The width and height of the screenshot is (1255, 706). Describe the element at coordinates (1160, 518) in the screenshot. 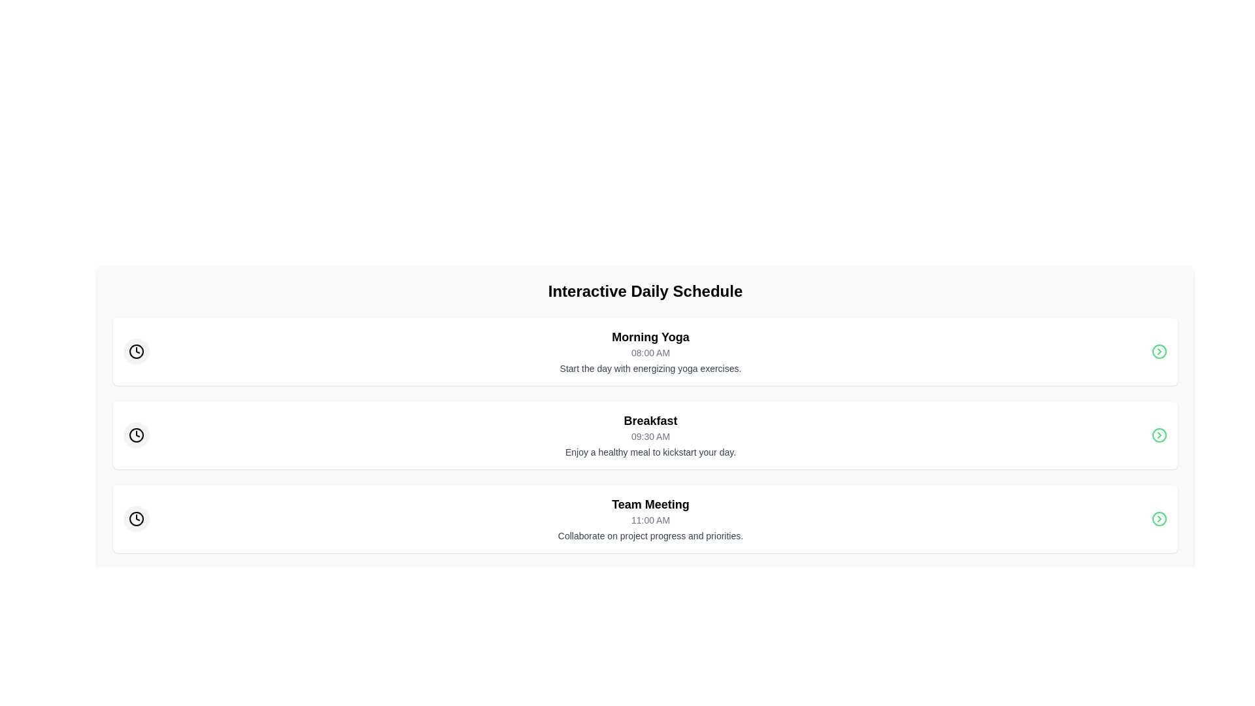

I see `the inner circular part of the icon for 'Team Meeting' located at the far right of the last row, which visually represents a completion status` at that location.